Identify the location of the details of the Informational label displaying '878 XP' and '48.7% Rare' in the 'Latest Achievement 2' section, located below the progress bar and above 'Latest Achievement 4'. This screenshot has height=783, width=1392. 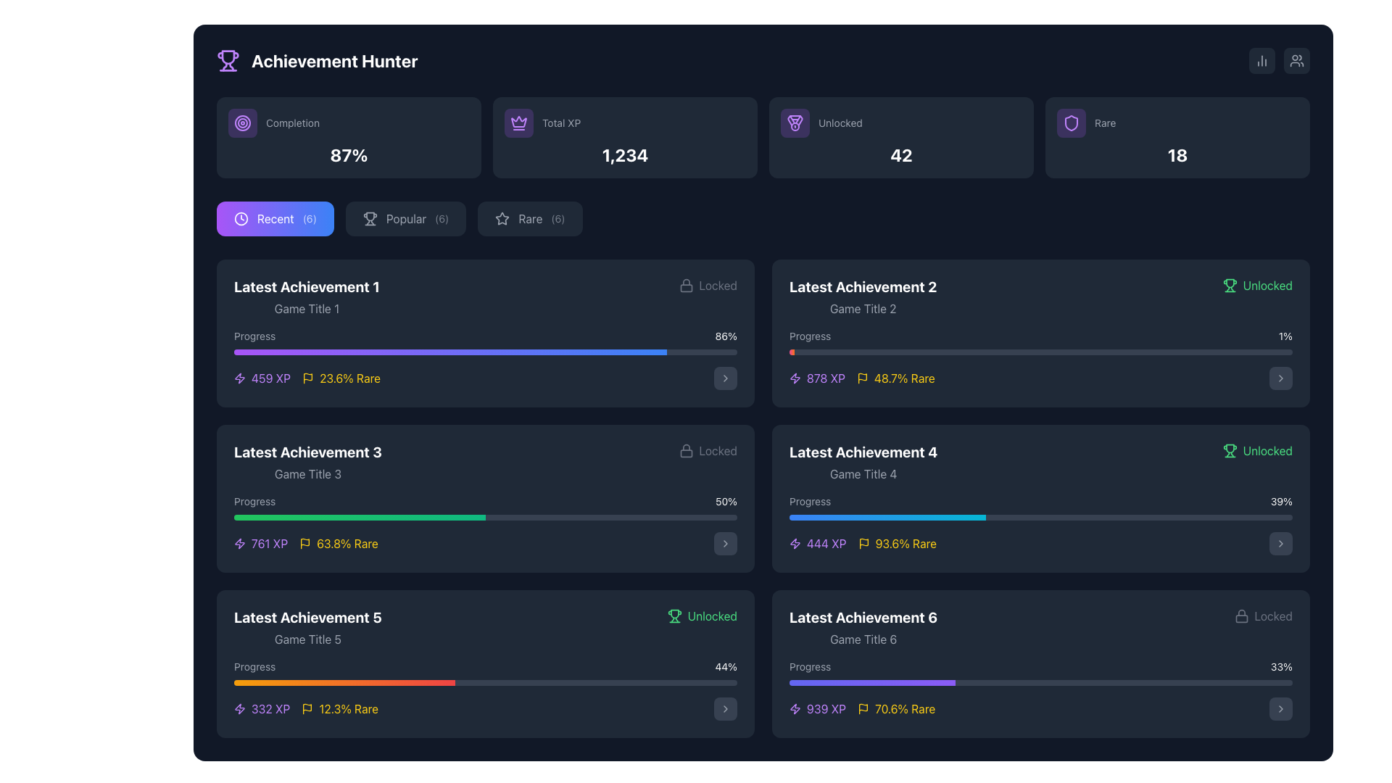
(862, 377).